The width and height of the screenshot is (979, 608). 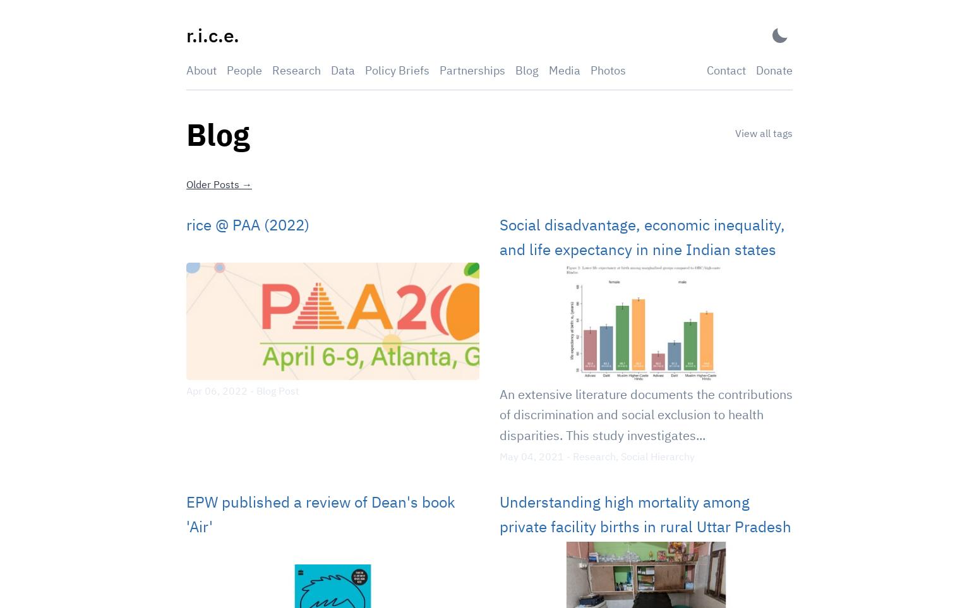 What do you see at coordinates (608, 69) in the screenshot?
I see `'Photos'` at bounding box center [608, 69].